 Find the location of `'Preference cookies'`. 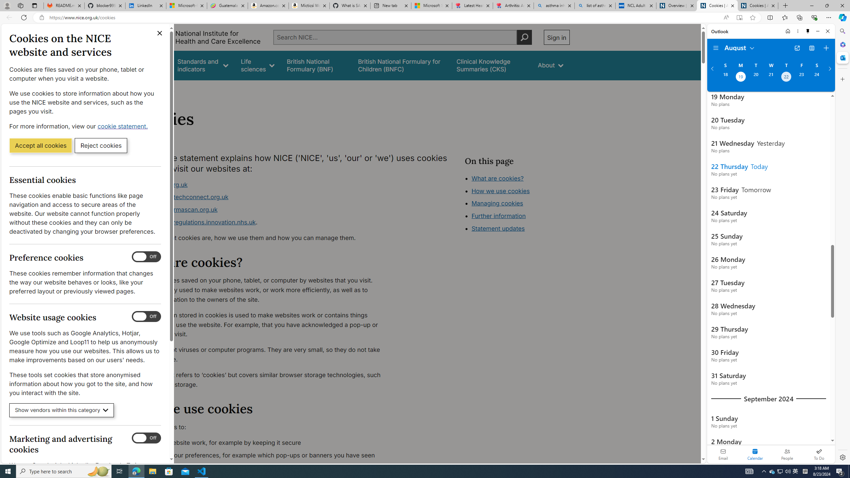

'Preference cookies' is located at coordinates (146, 257).